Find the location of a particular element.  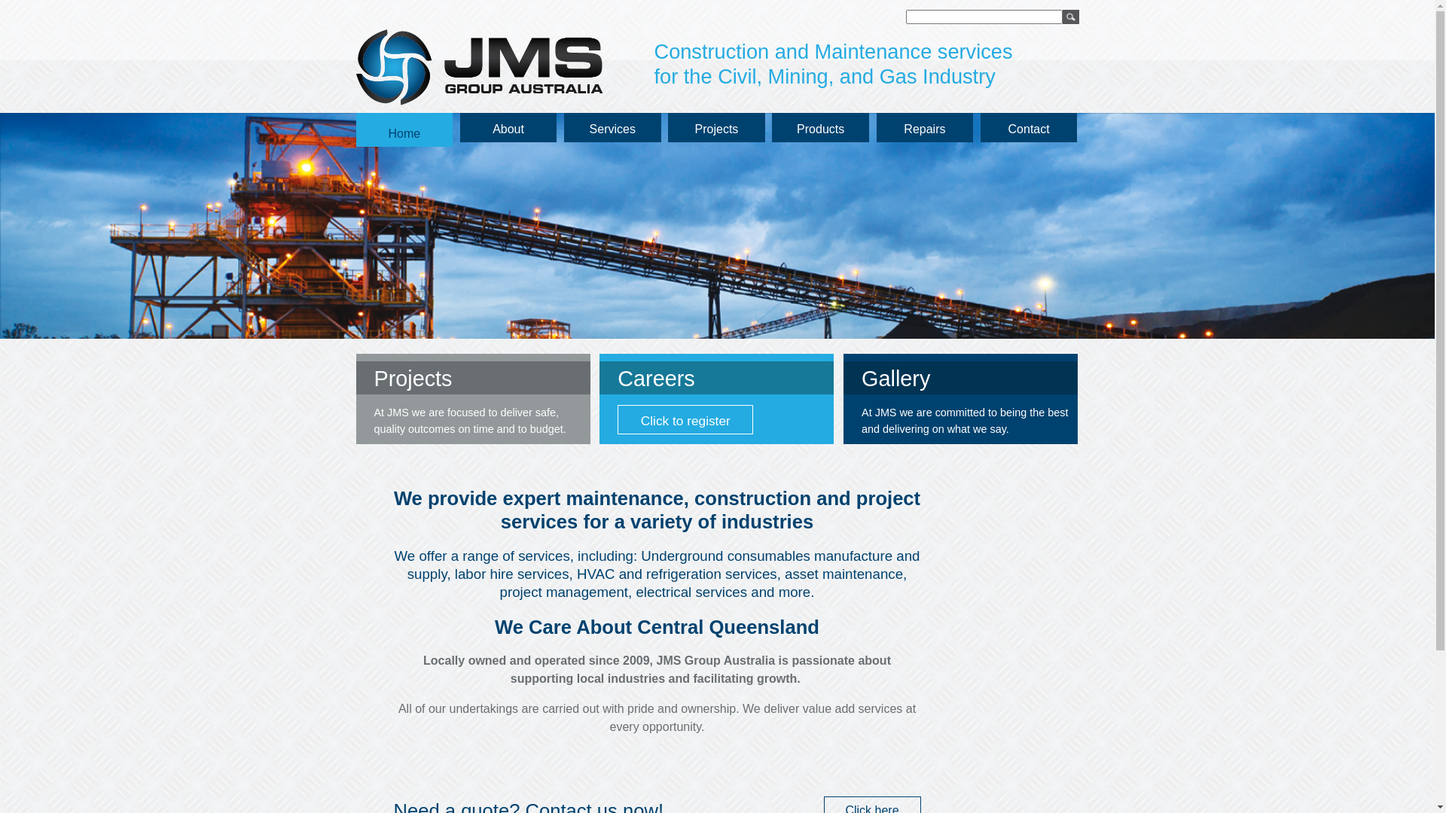

'About' is located at coordinates (508, 126).